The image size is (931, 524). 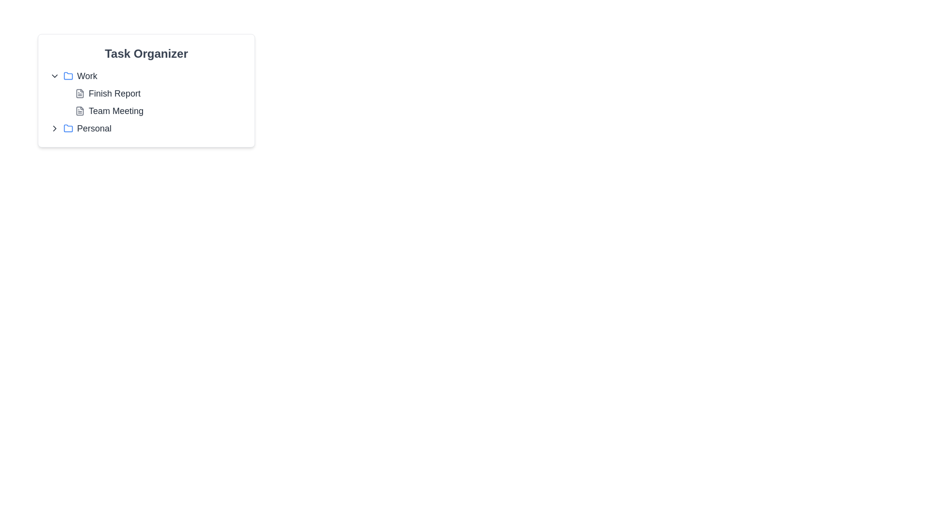 What do you see at coordinates (67, 76) in the screenshot?
I see `the folder icon that represents the 'Work' category, located immediately to the left of the 'Work' label` at bounding box center [67, 76].